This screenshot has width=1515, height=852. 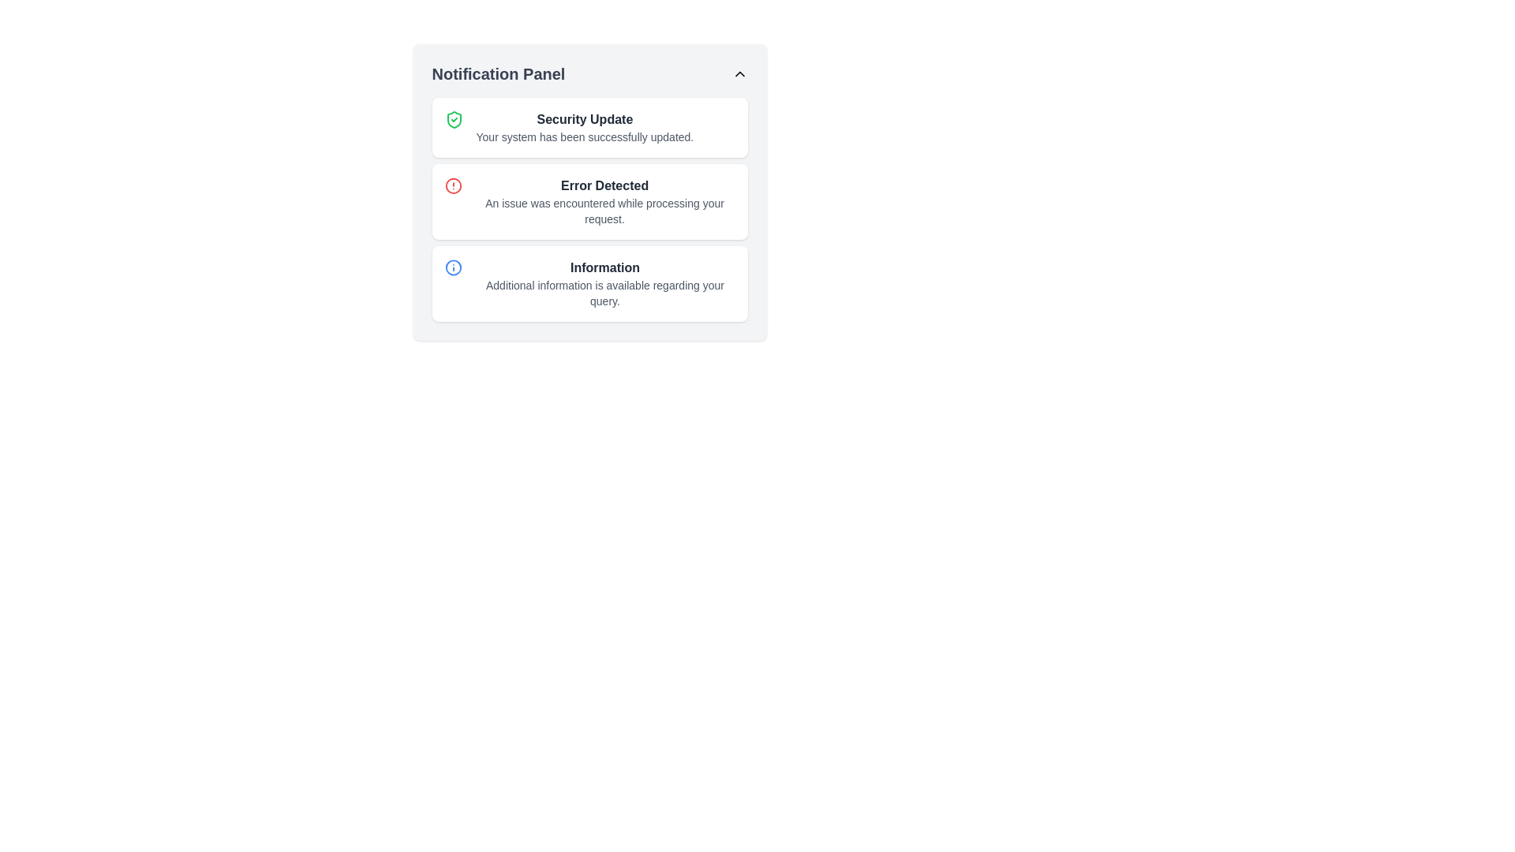 I want to click on text content that is styled with a smaller font size and gray color, which reads 'Additional information is available regarding your query.' located under the bold heading 'Information' in the third panel of the notification interface, so click(x=604, y=293).